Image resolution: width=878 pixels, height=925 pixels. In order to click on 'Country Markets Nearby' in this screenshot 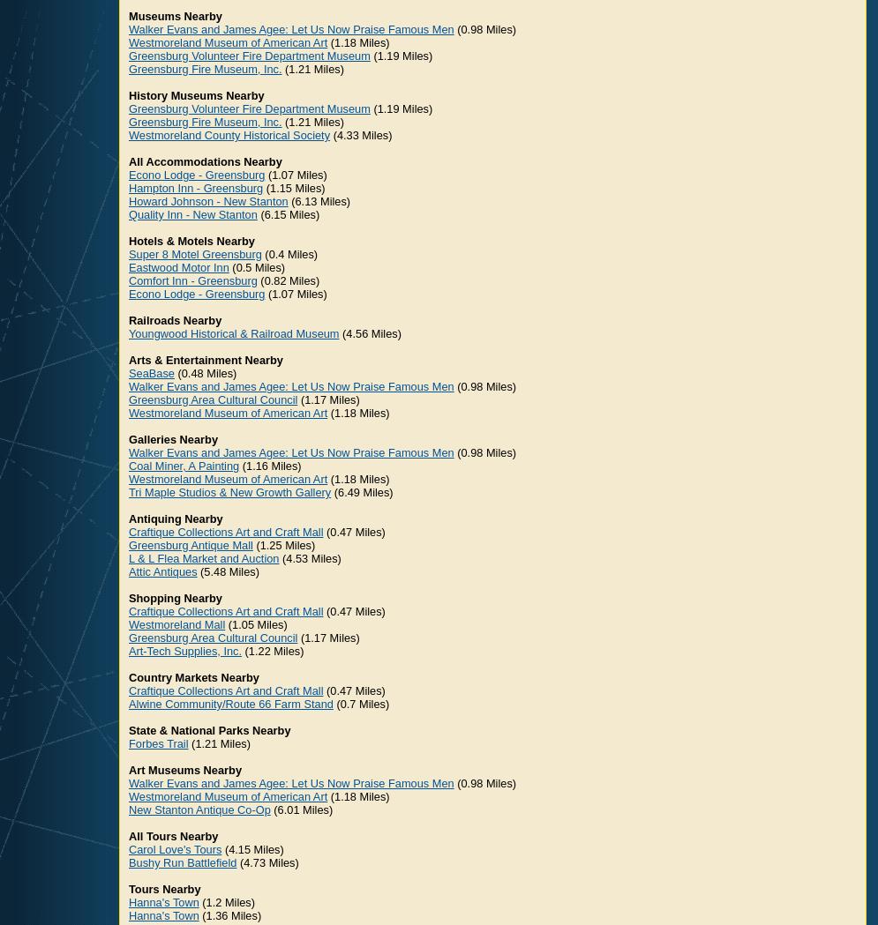, I will do `click(192, 677)`.